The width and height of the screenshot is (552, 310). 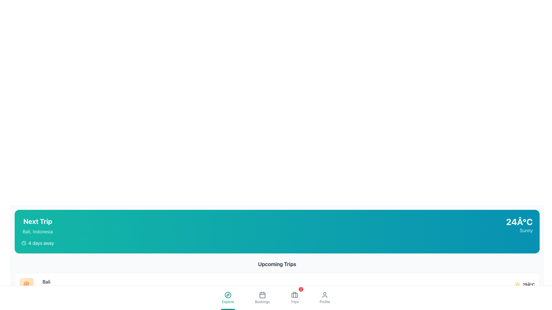 I want to click on text label 'Bali', which is styled in bold and dark gray, located within a card-like interface representing a travel destination, so click(x=46, y=282).